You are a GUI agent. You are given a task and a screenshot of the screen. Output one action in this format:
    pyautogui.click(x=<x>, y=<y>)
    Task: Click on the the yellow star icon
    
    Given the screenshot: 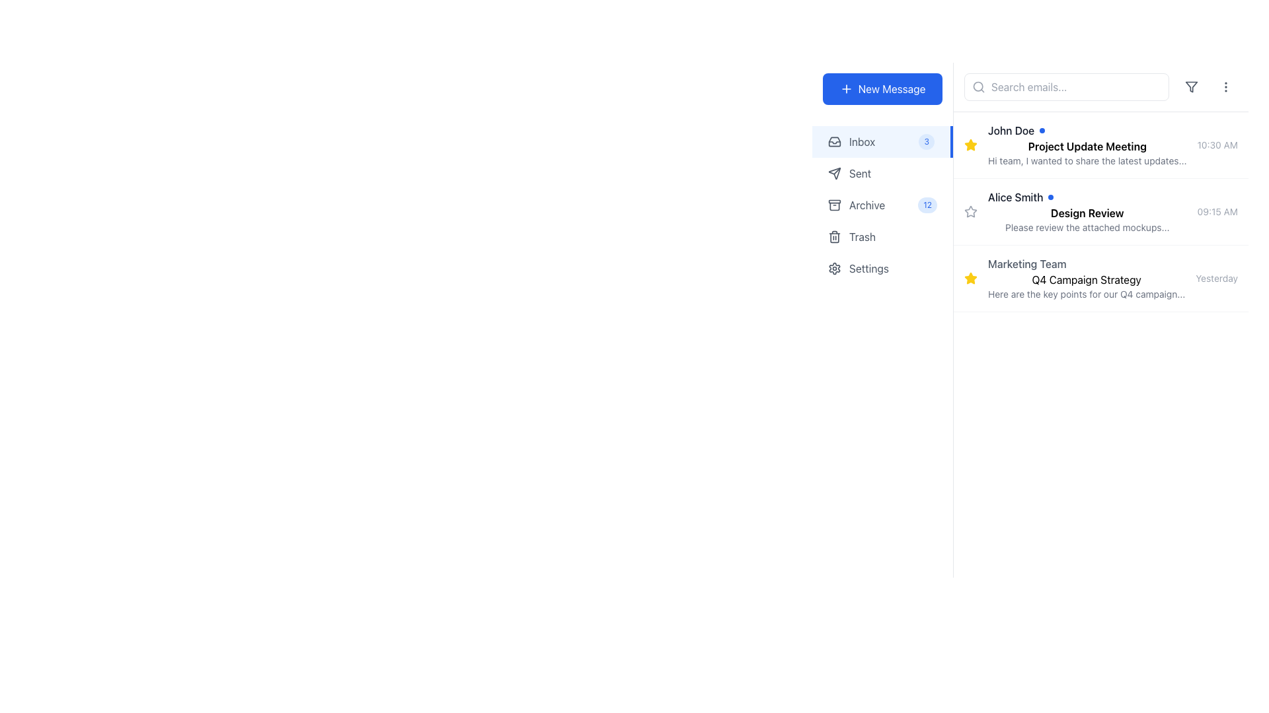 What is the action you would take?
    pyautogui.click(x=970, y=277)
    